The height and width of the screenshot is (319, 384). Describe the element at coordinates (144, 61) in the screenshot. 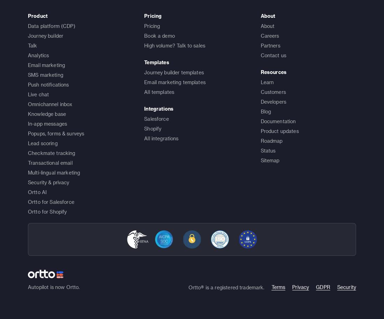

I see `'Templates'` at that location.